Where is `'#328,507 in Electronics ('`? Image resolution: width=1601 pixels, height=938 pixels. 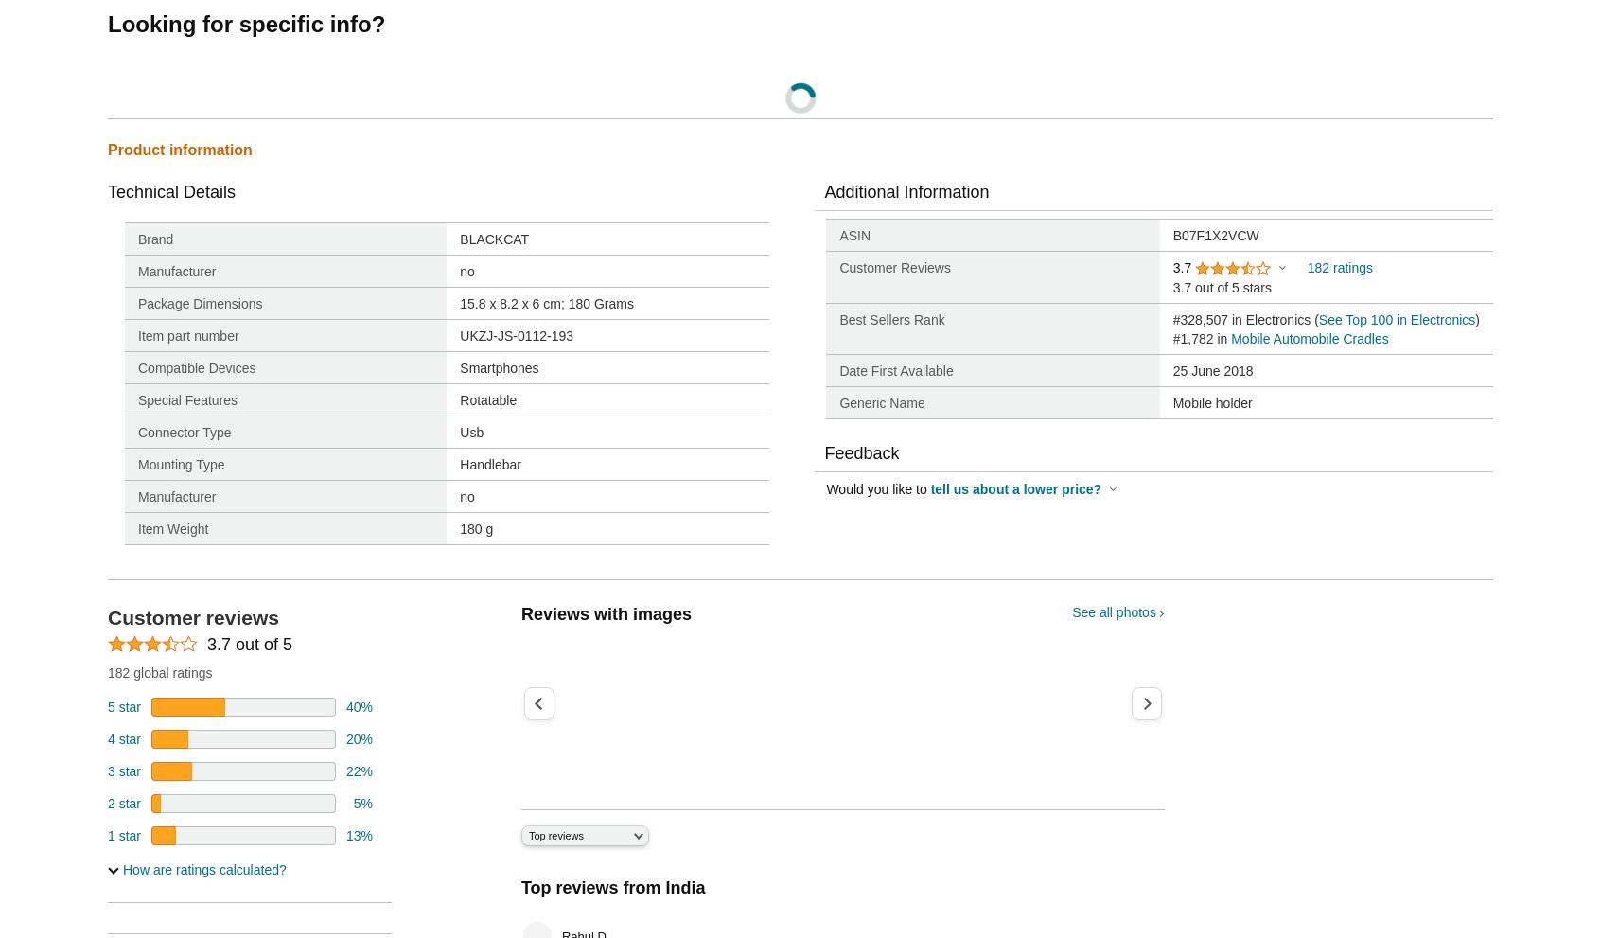 '#328,507 in Electronics (' is located at coordinates (1244, 319).